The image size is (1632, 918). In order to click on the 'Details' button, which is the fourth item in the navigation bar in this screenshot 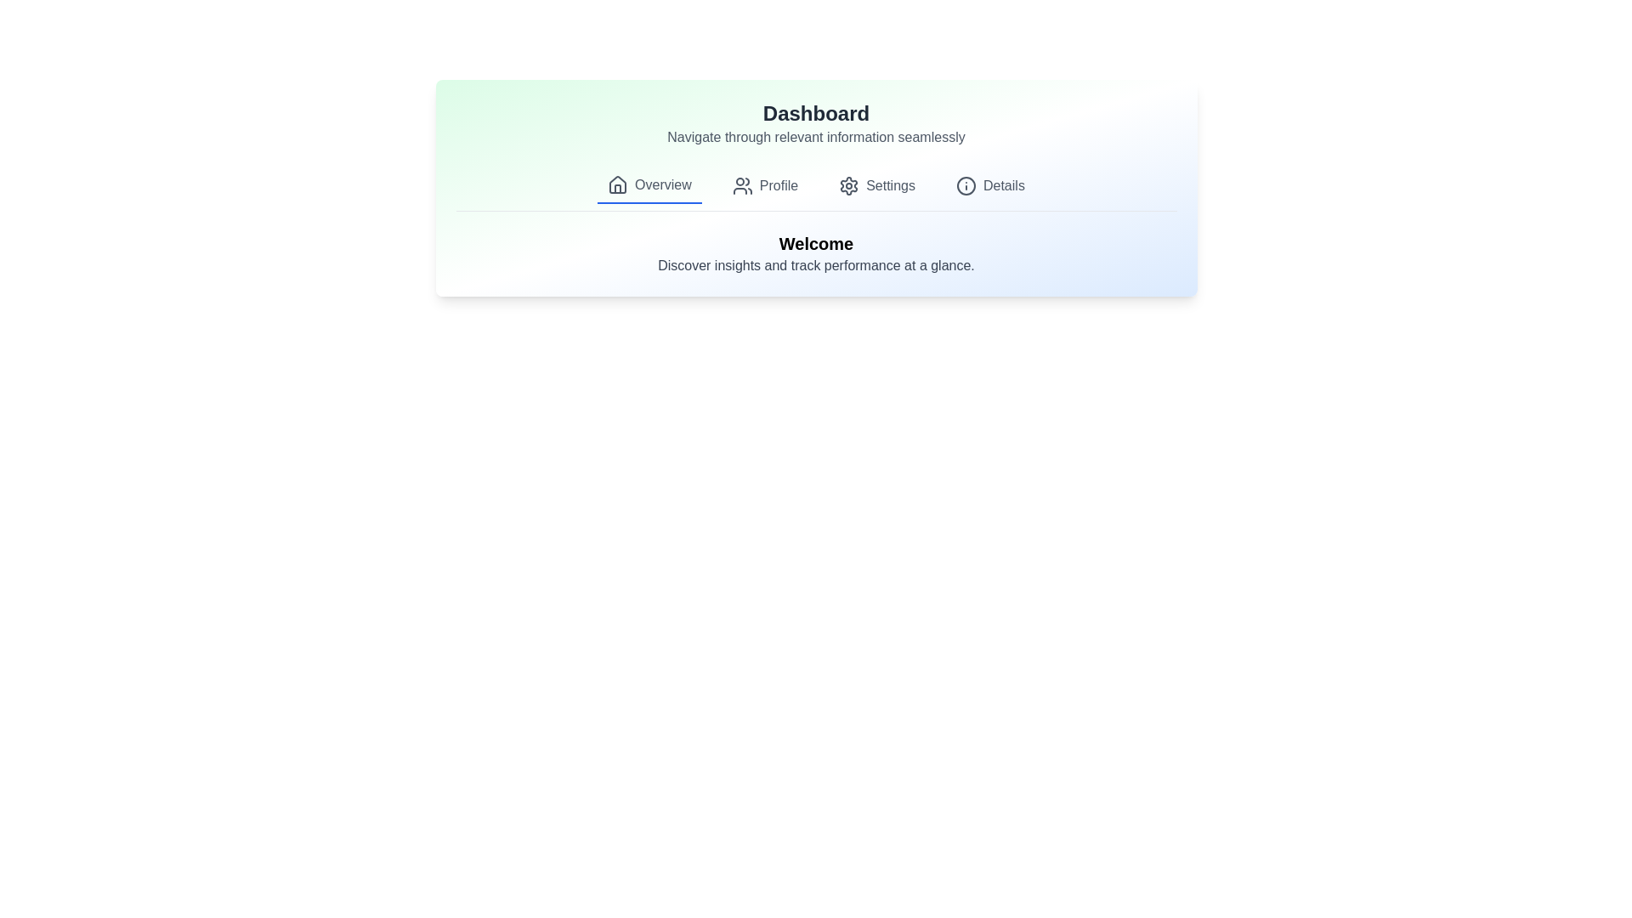, I will do `click(990, 186)`.